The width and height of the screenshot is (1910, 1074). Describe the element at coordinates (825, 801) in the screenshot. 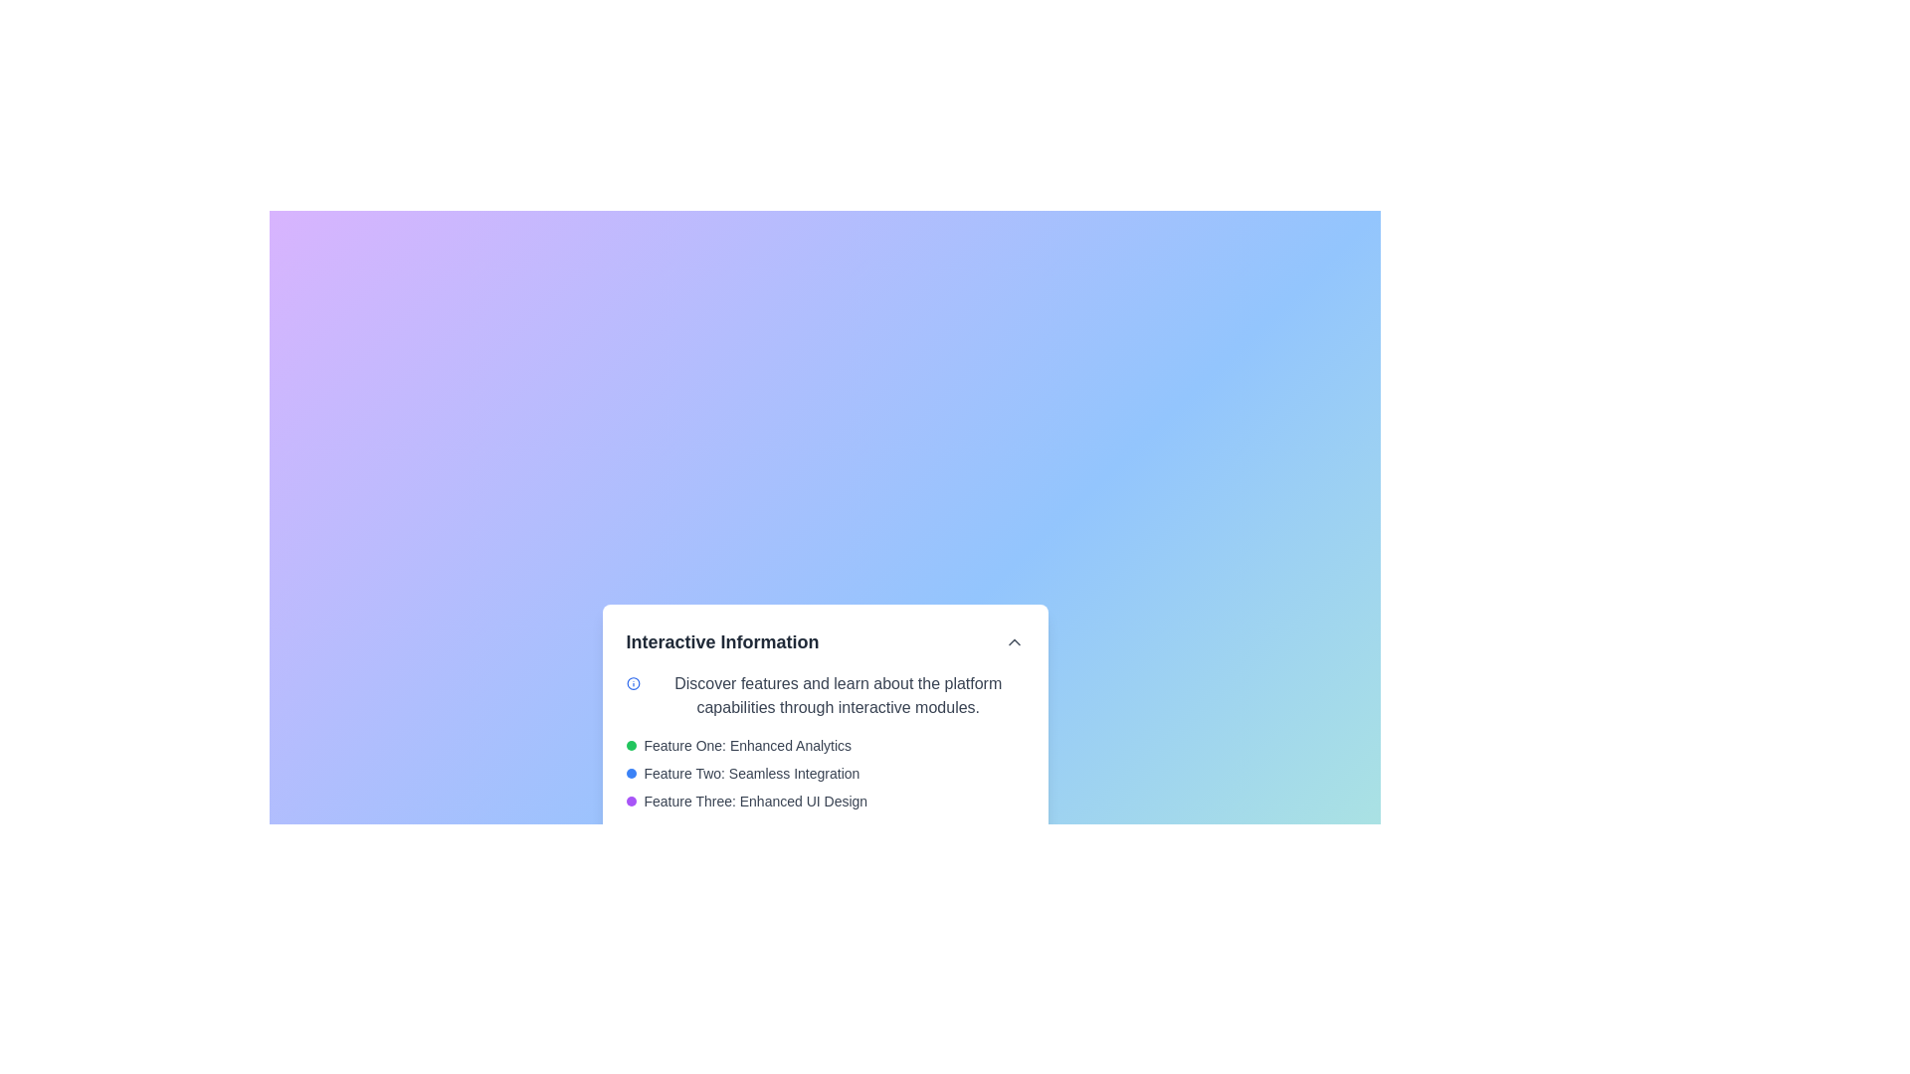

I see `the informational item labeled 'Enhanced UI Design', which is the third item in the vertical list of features, indicated by a purple dot` at that location.